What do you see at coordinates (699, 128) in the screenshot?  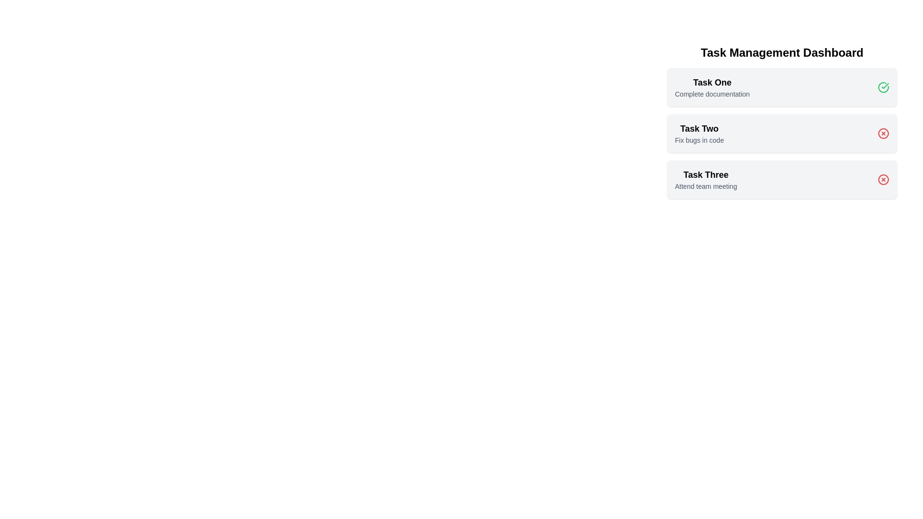 I see `the task title Task Two to highlight it` at bounding box center [699, 128].